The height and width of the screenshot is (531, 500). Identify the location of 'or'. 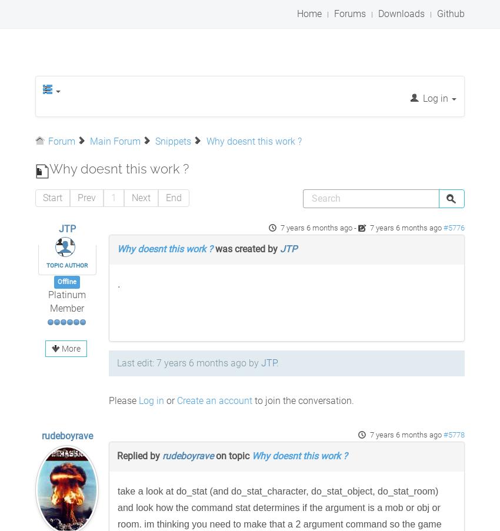
(170, 400).